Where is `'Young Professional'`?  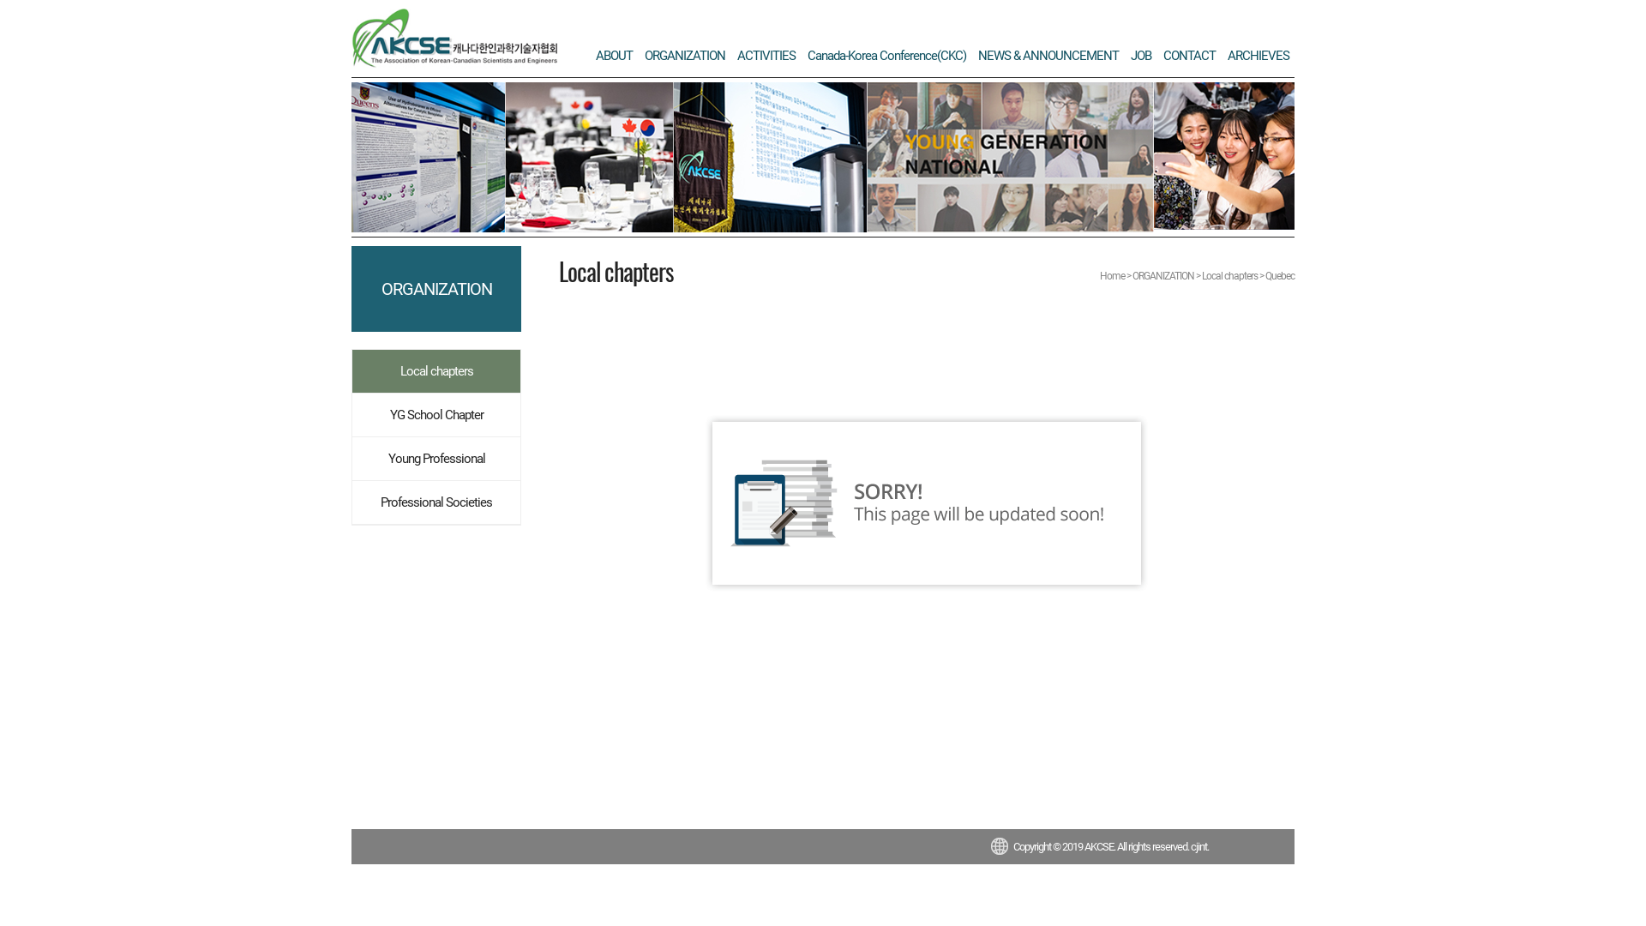
'Young Professional' is located at coordinates (436, 458).